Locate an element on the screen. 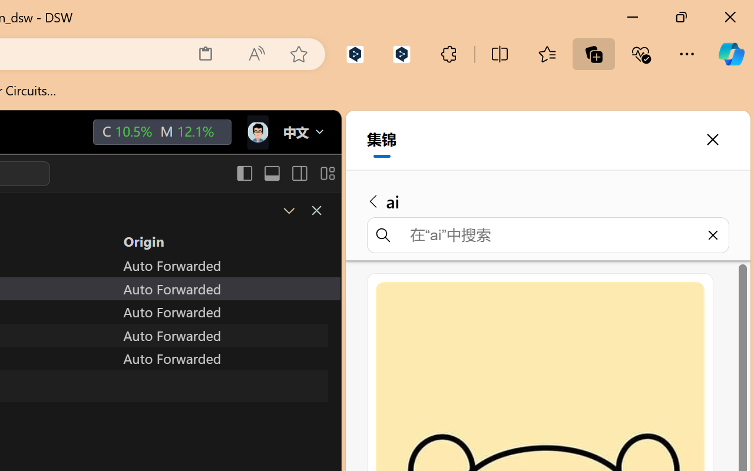  'Class: next-menu next-hoz widgets--iconMenu--BFkiHRM' is located at coordinates (256, 132).